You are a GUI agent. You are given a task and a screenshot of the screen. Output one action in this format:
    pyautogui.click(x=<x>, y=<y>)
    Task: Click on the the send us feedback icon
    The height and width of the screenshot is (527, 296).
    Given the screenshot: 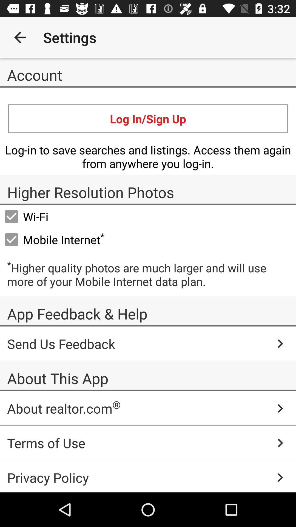 What is the action you would take?
    pyautogui.click(x=148, y=343)
    